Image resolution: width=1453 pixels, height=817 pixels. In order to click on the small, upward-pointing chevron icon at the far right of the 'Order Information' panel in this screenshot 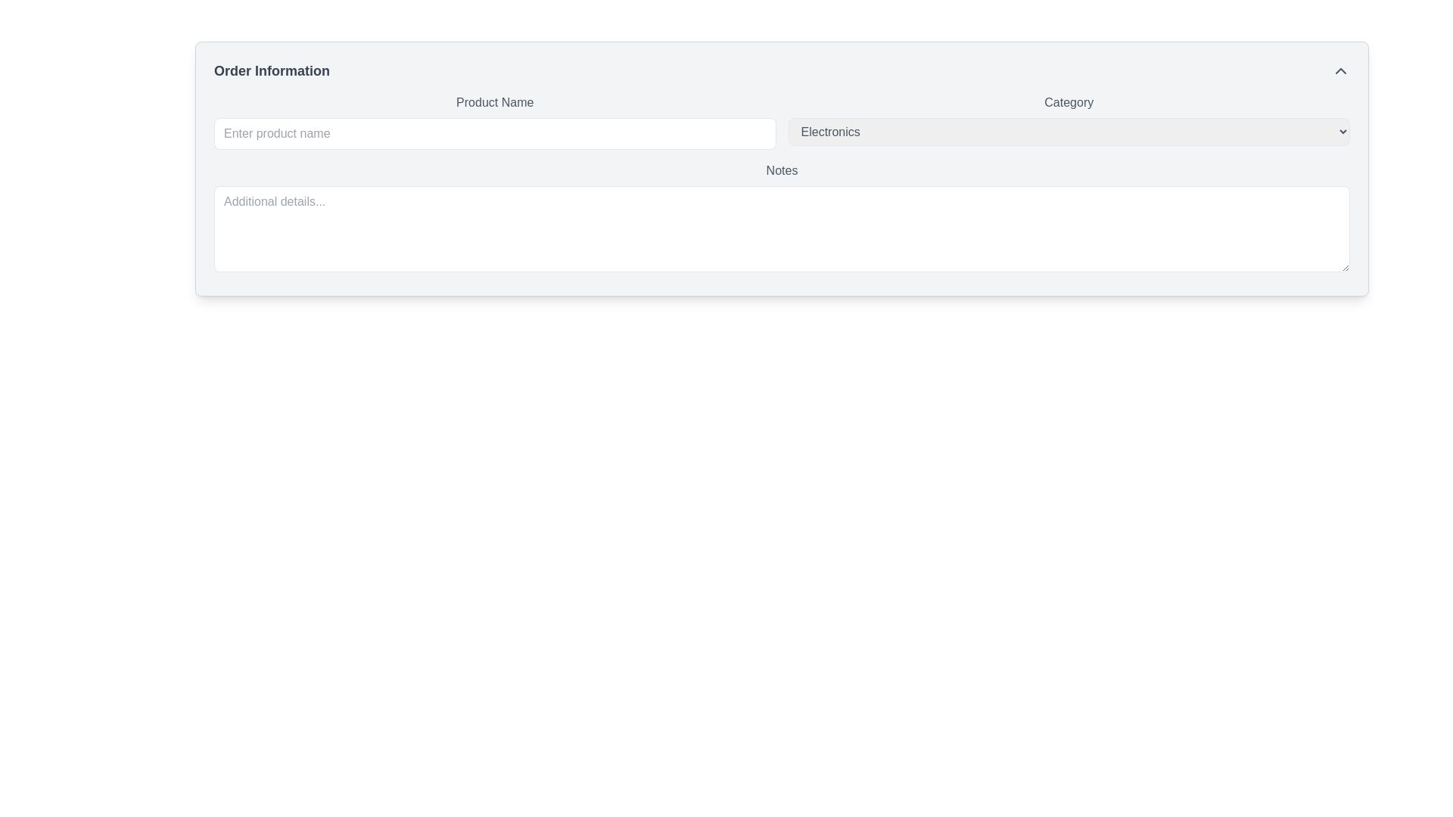, I will do `click(1340, 70)`.